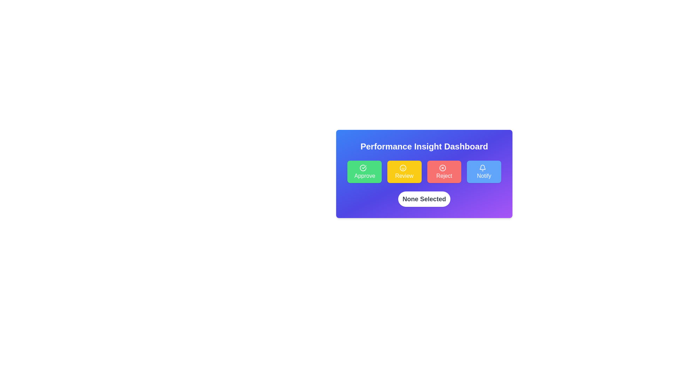 Image resolution: width=673 pixels, height=378 pixels. Describe the element at coordinates (444, 171) in the screenshot. I see `the 'Reject' button, which is the third button in a horizontal group of four buttons, positioned between the 'Review' and 'Notify' buttons` at that location.